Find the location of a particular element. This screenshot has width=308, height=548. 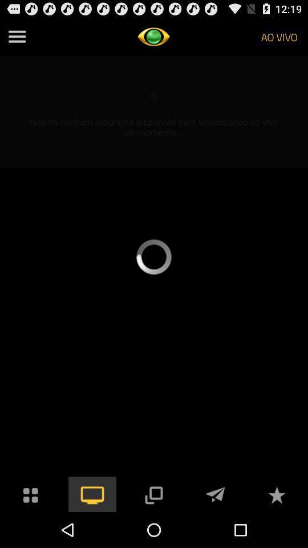

the menu icon is located at coordinates (17, 39).